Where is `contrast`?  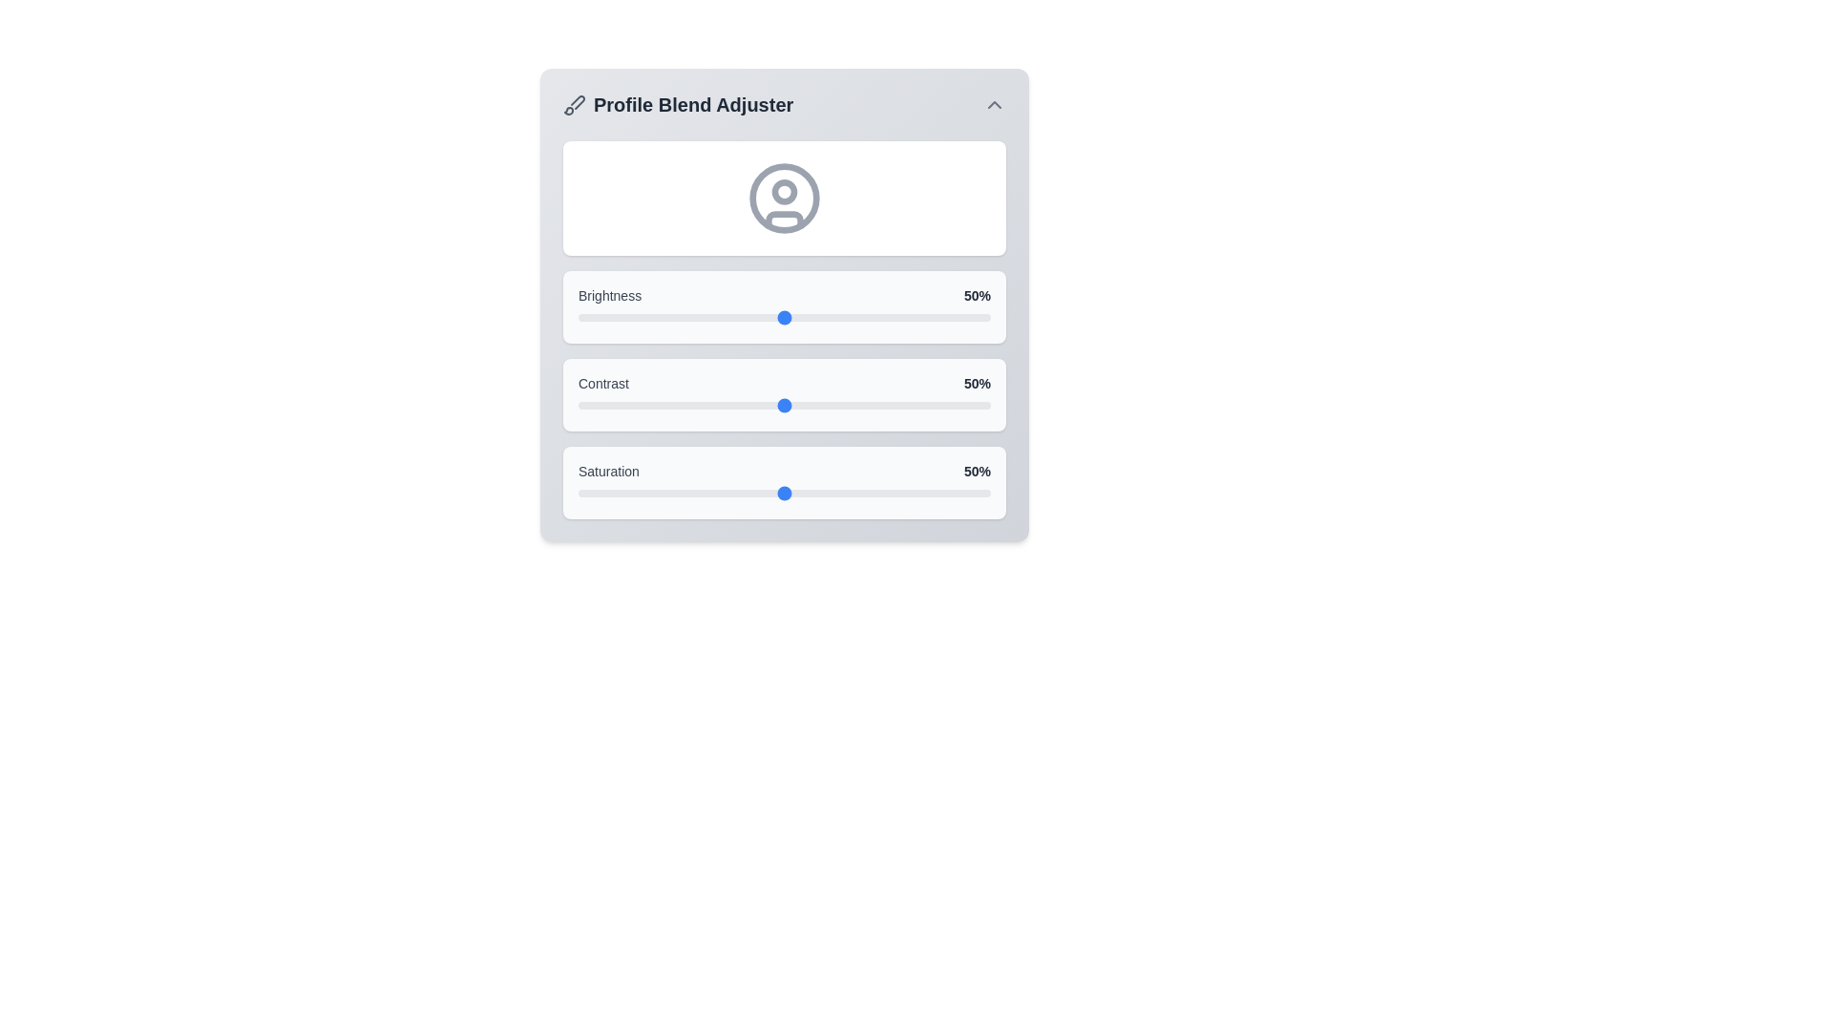 contrast is located at coordinates (722, 404).